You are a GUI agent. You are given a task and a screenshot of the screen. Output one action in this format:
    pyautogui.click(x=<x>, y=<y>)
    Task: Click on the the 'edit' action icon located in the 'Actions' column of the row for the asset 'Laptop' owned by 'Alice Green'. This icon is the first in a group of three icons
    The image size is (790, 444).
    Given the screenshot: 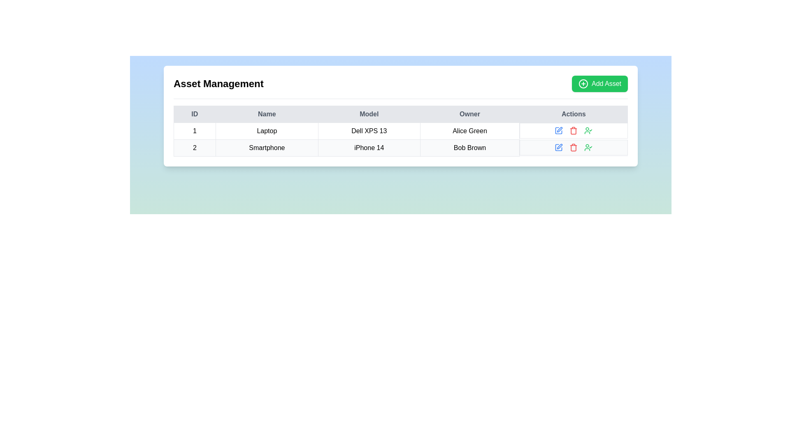 What is the action you would take?
    pyautogui.click(x=559, y=130)
    